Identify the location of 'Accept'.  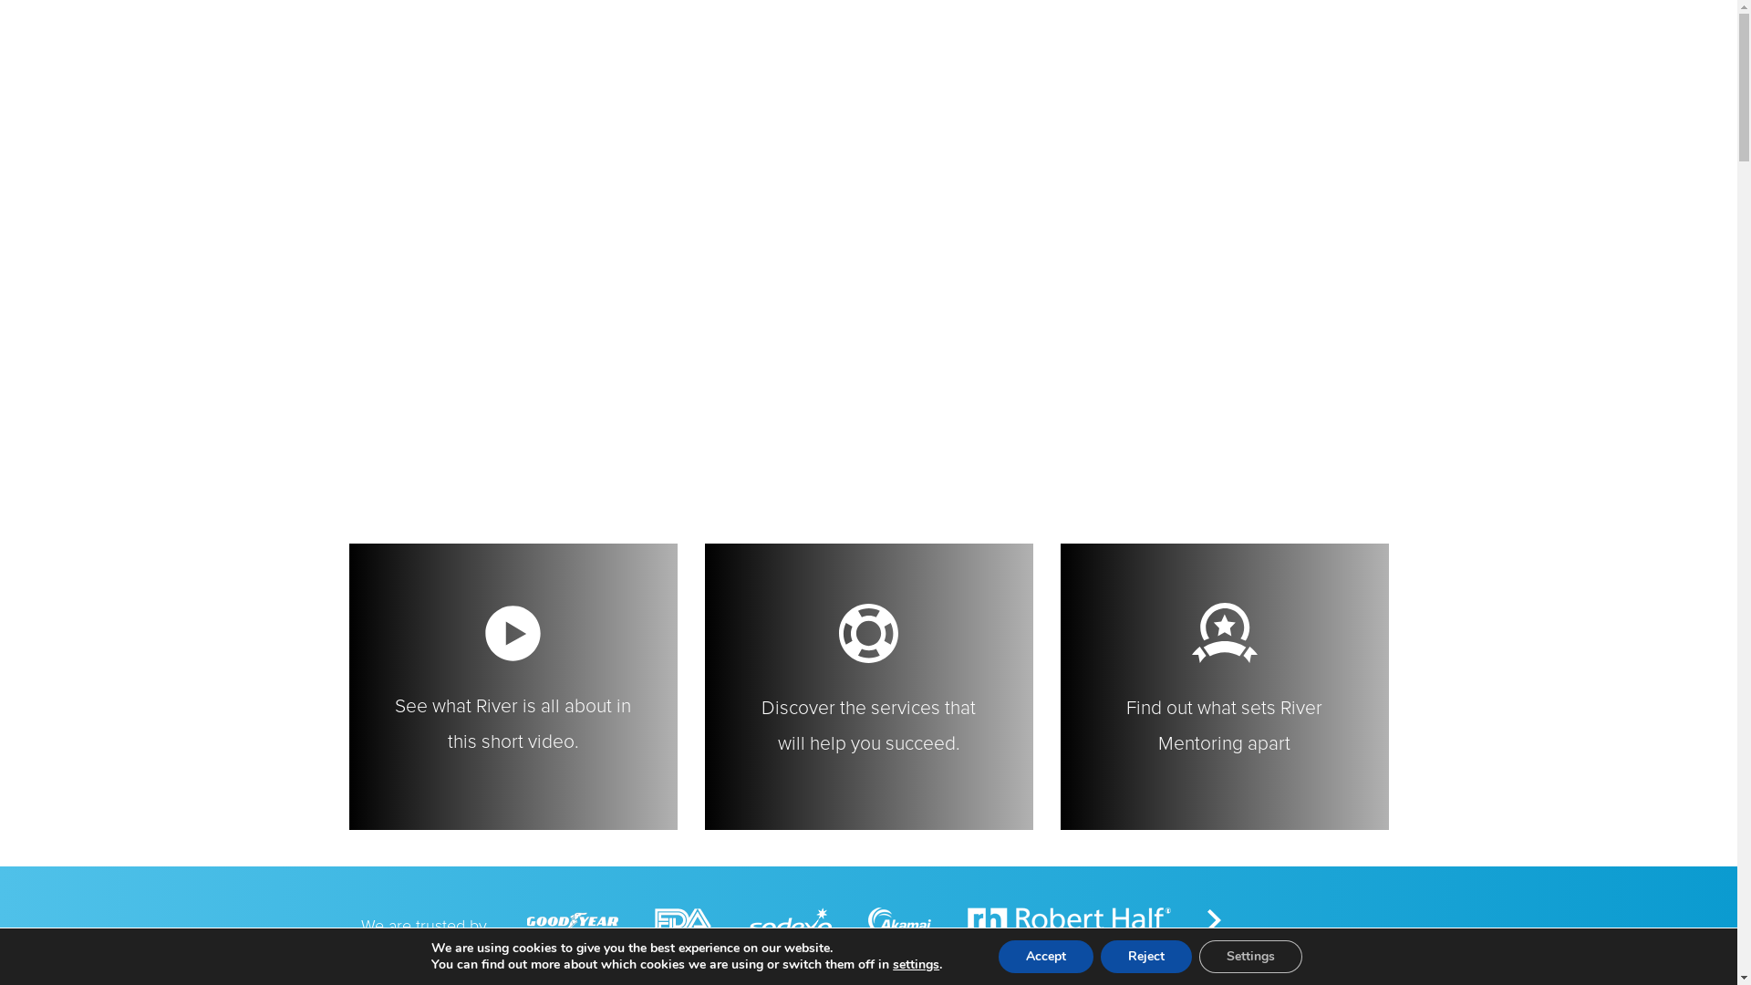
(1046, 956).